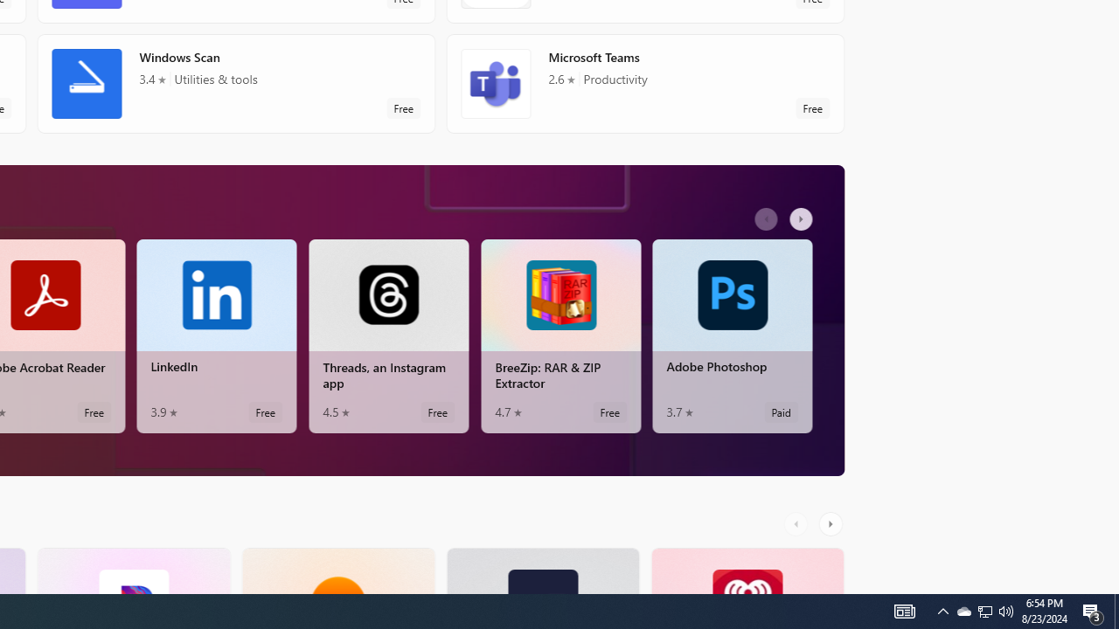 Image resolution: width=1119 pixels, height=629 pixels. Describe the element at coordinates (132, 570) in the screenshot. I see `'Pandora. Average rating of 4.5 out of five stars. Free  '` at that location.